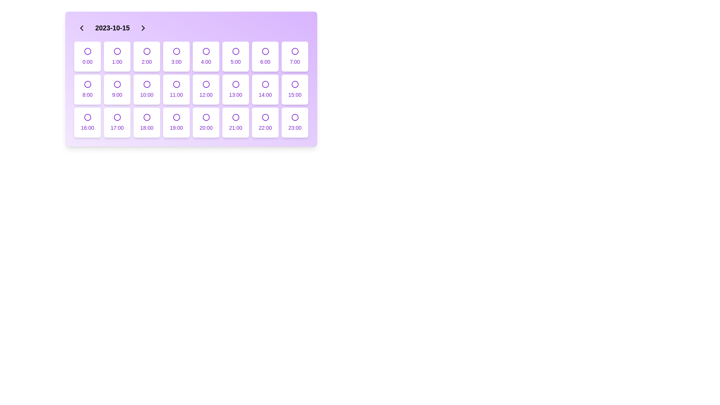  What do you see at coordinates (143, 27) in the screenshot?
I see `the right-pointing arrow button in the header area, located to the right of the date display` at bounding box center [143, 27].